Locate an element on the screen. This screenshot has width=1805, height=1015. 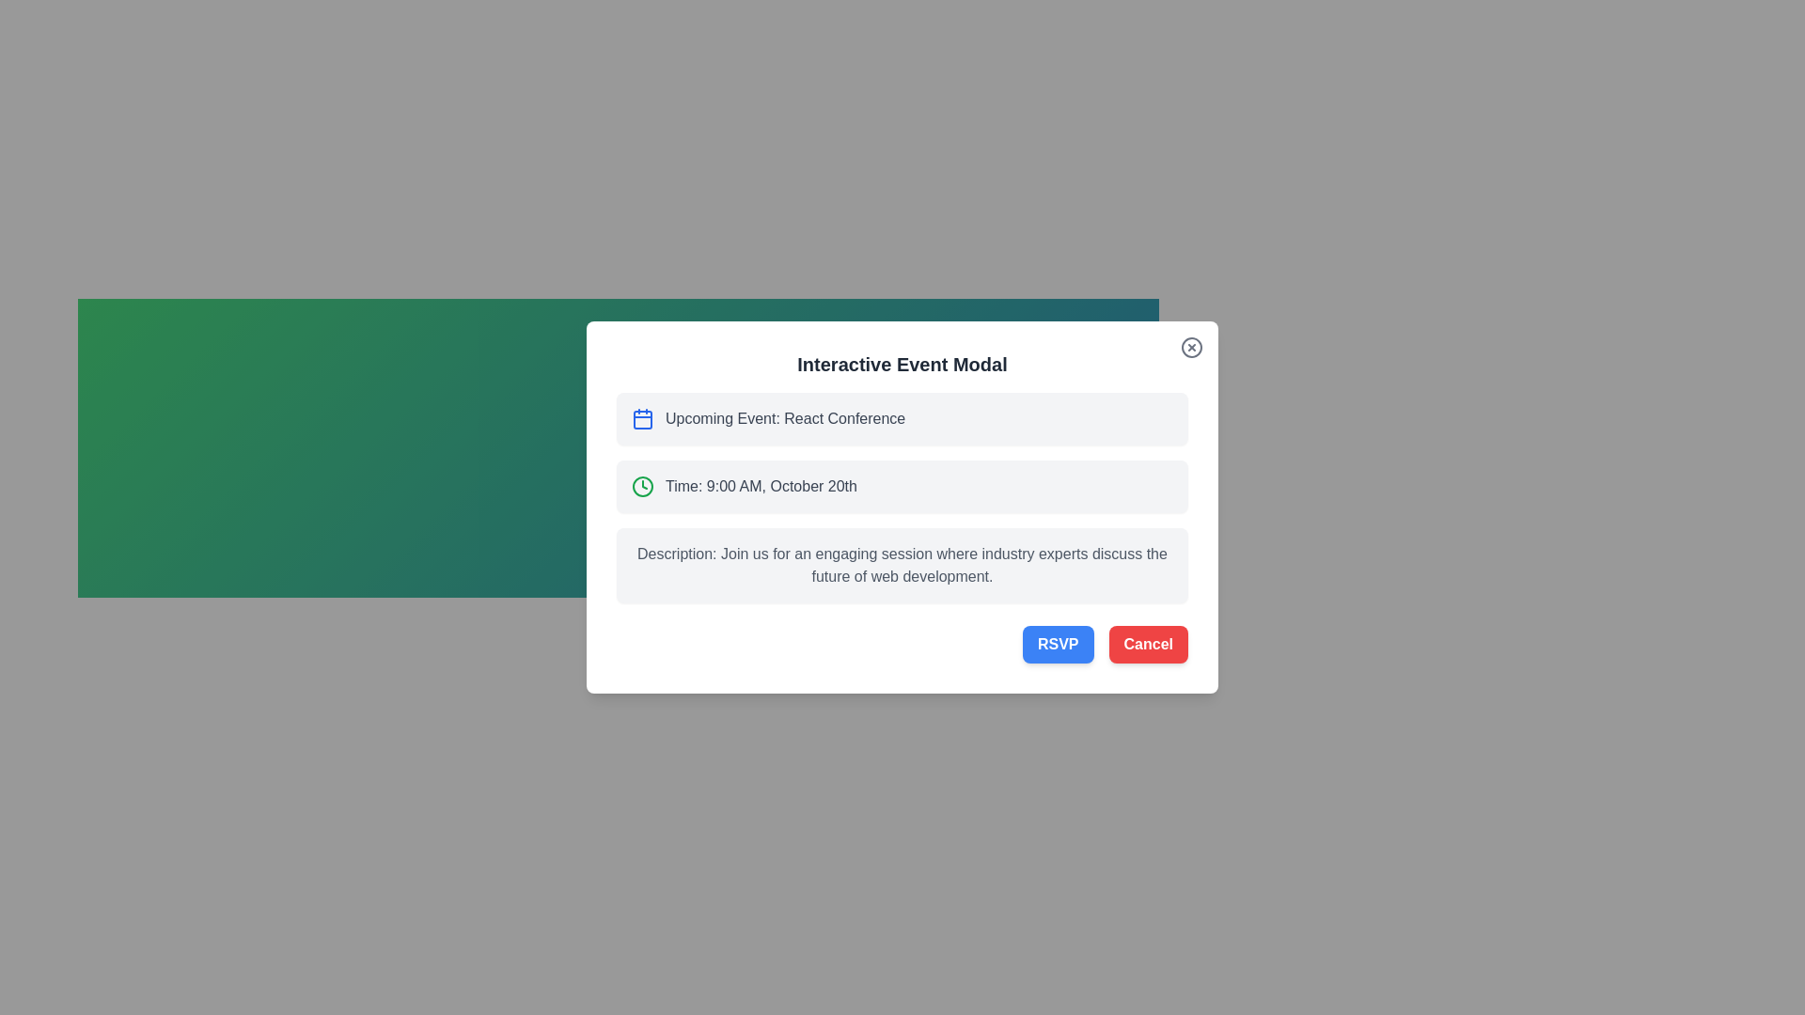
the close button located at the top-right corner of the 'Interactive Event Modal' to change its appearance is located at coordinates (1190, 348).